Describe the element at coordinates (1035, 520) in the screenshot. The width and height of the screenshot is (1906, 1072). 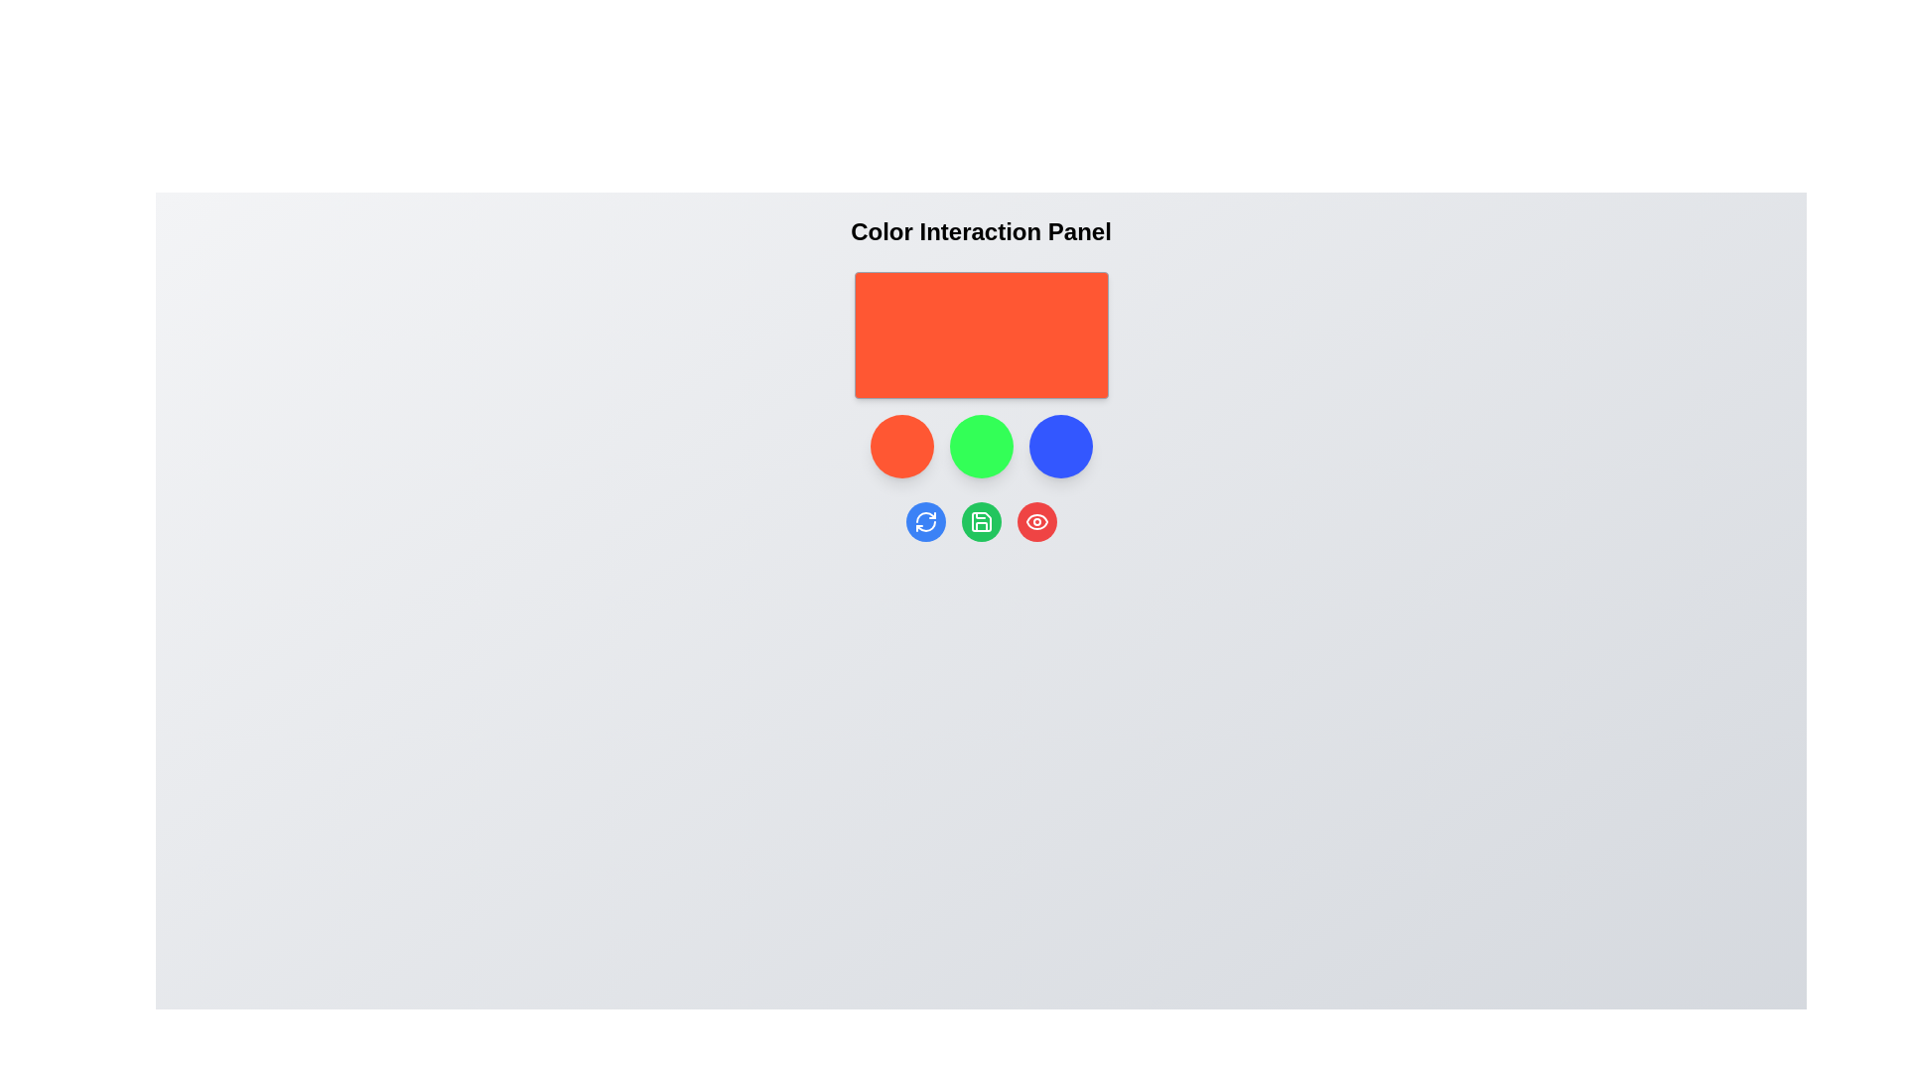
I see `the circular red button with a white eye icon located in the Color Interaction Panel, which is the fourth button from the left` at that location.